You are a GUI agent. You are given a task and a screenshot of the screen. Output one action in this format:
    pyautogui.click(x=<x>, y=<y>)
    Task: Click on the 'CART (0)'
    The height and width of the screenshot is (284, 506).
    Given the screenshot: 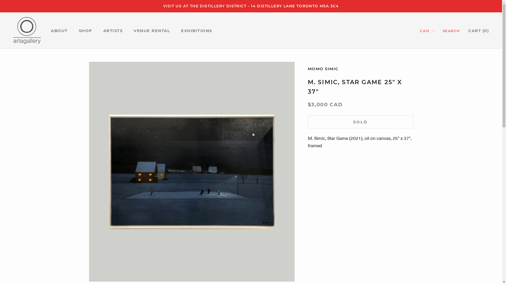 What is the action you would take?
    pyautogui.click(x=478, y=31)
    